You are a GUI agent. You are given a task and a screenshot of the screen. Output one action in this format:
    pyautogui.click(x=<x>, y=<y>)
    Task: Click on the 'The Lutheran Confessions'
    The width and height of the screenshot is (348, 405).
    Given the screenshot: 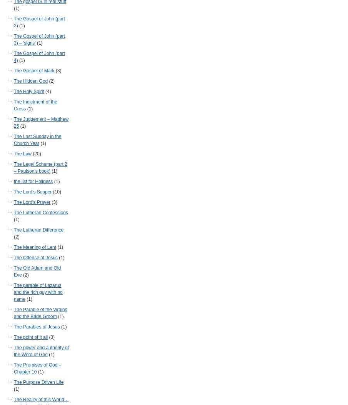 What is the action you would take?
    pyautogui.click(x=41, y=212)
    